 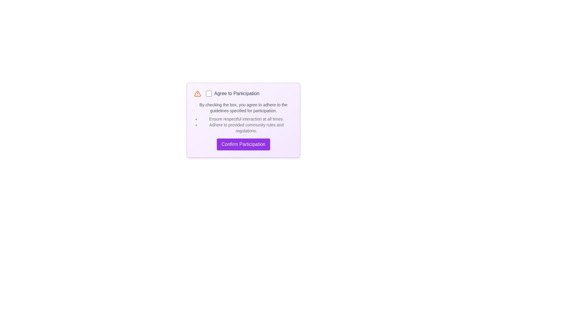 What do you see at coordinates (197, 93) in the screenshot?
I see `the orange triangular warning icon with a stylized exclamation mark, located to the left of the 'Agree to Participation' checkbox in the agreement section of the modal` at bounding box center [197, 93].